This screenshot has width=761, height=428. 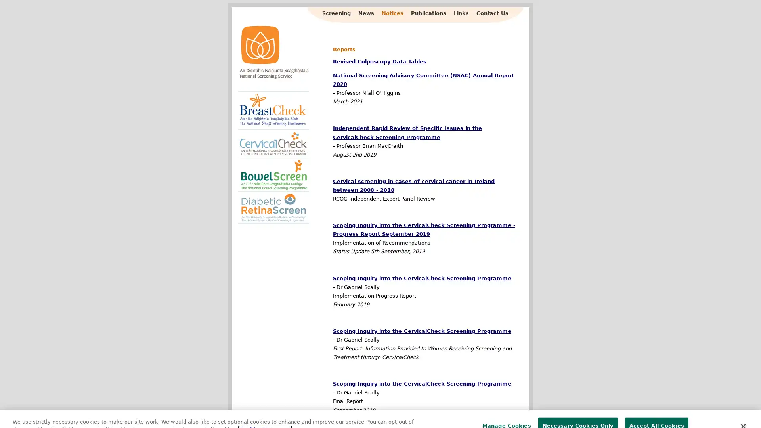 I want to click on Manage Cookies, so click(x=504, y=411).